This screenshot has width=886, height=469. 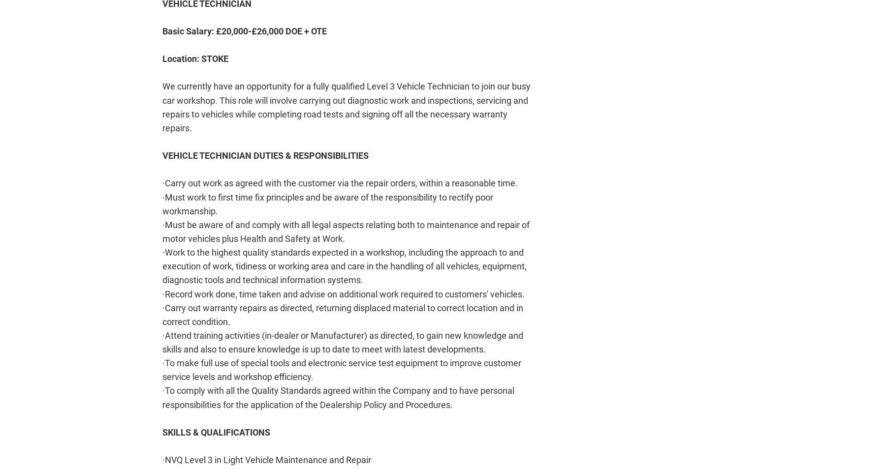 What do you see at coordinates (266, 460) in the screenshot?
I see `'·NVQ Level 3 in Light Vehicle Maintenance and Repair'` at bounding box center [266, 460].